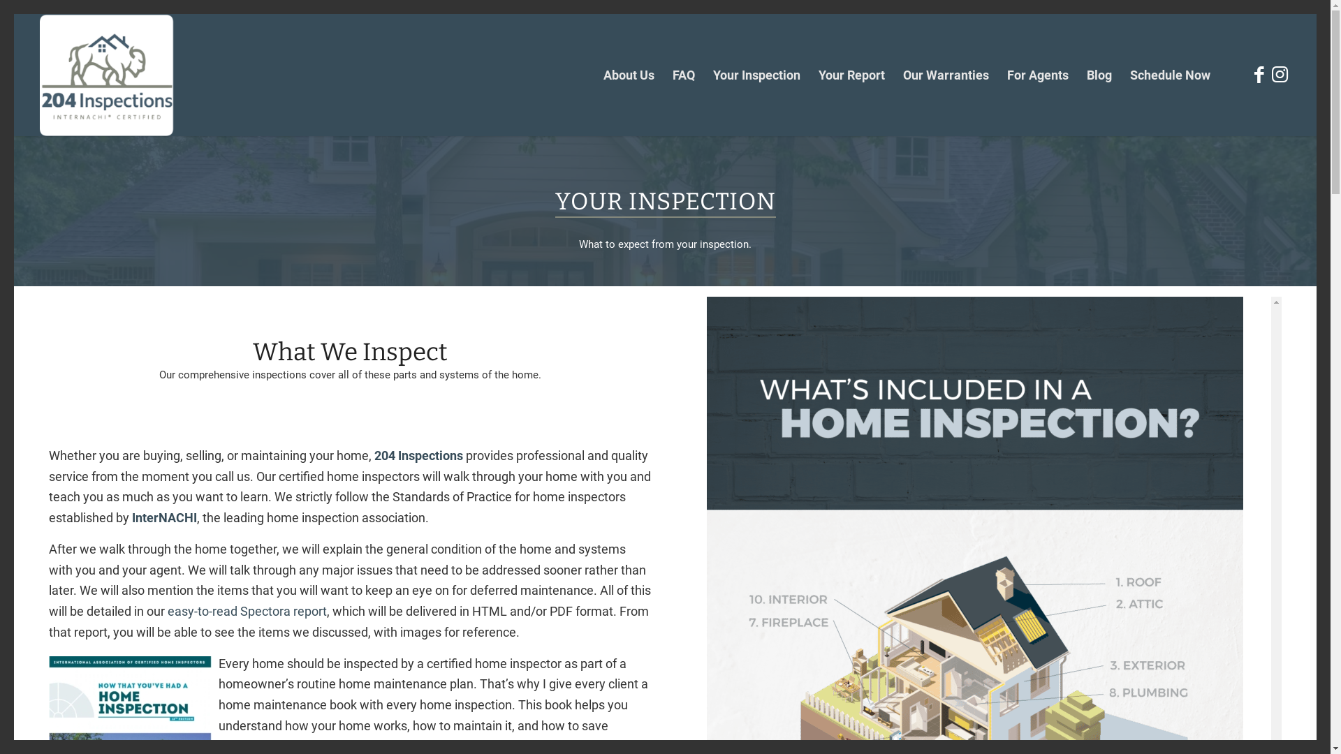 This screenshot has height=754, width=1341. What do you see at coordinates (756, 75) in the screenshot?
I see `'Your Inspection'` at bounding box center [756, 75].